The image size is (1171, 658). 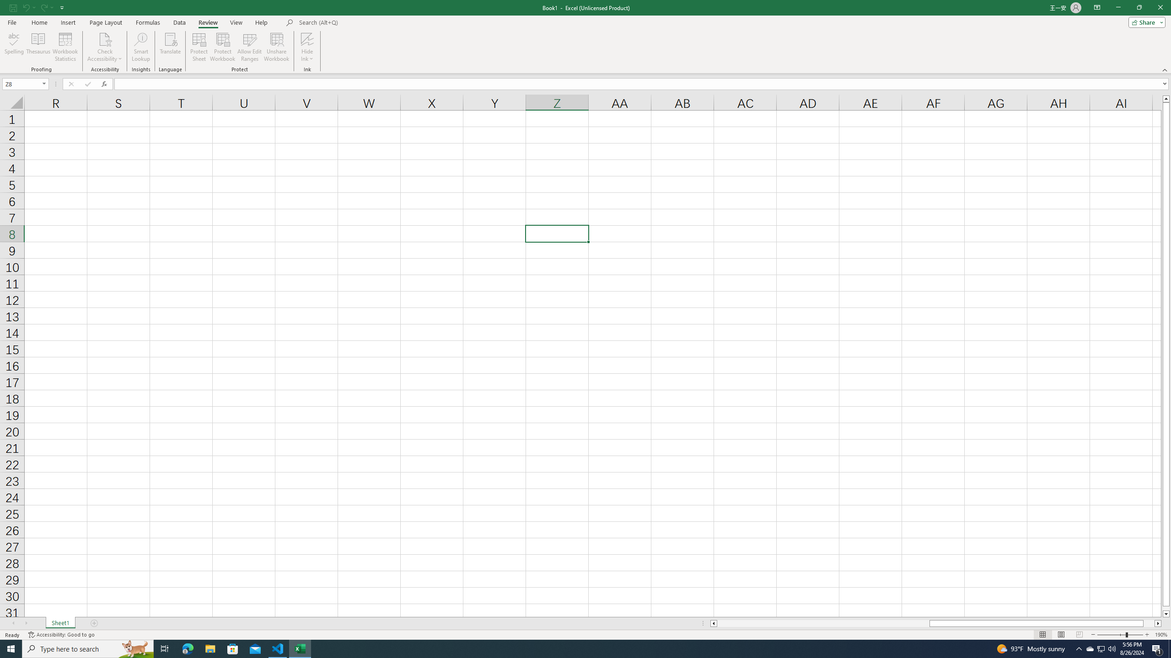 I want to click on 'Collapse the Ribbon', so click(x=1165, y=70).